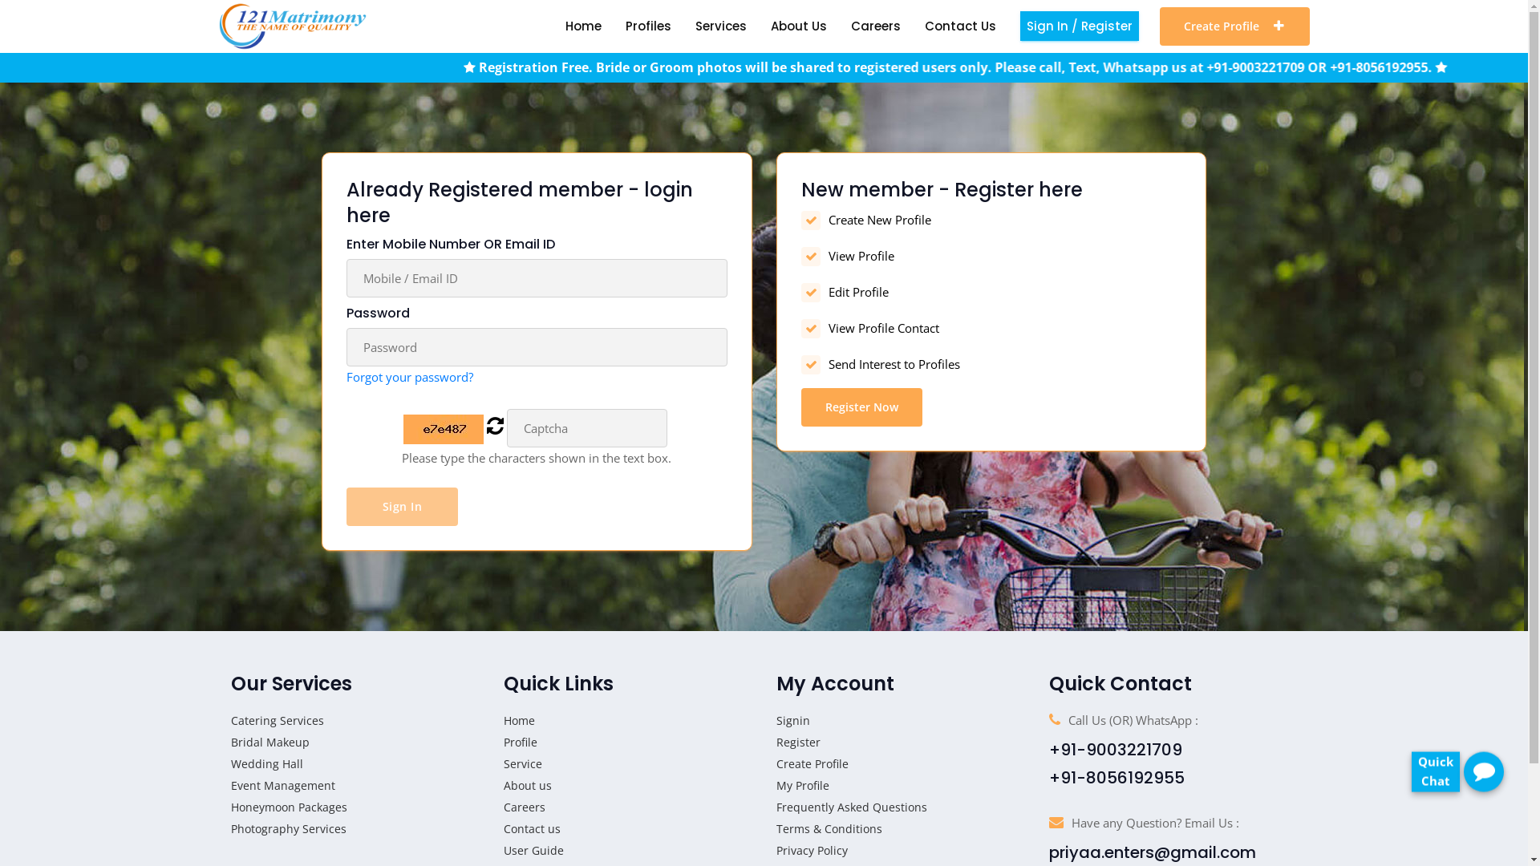 This screenshot has width=1540, height=866. What do you see at coordinates (520, 742) in the screenshot?
I see `'Profile'` at bounding box center [520, 742].